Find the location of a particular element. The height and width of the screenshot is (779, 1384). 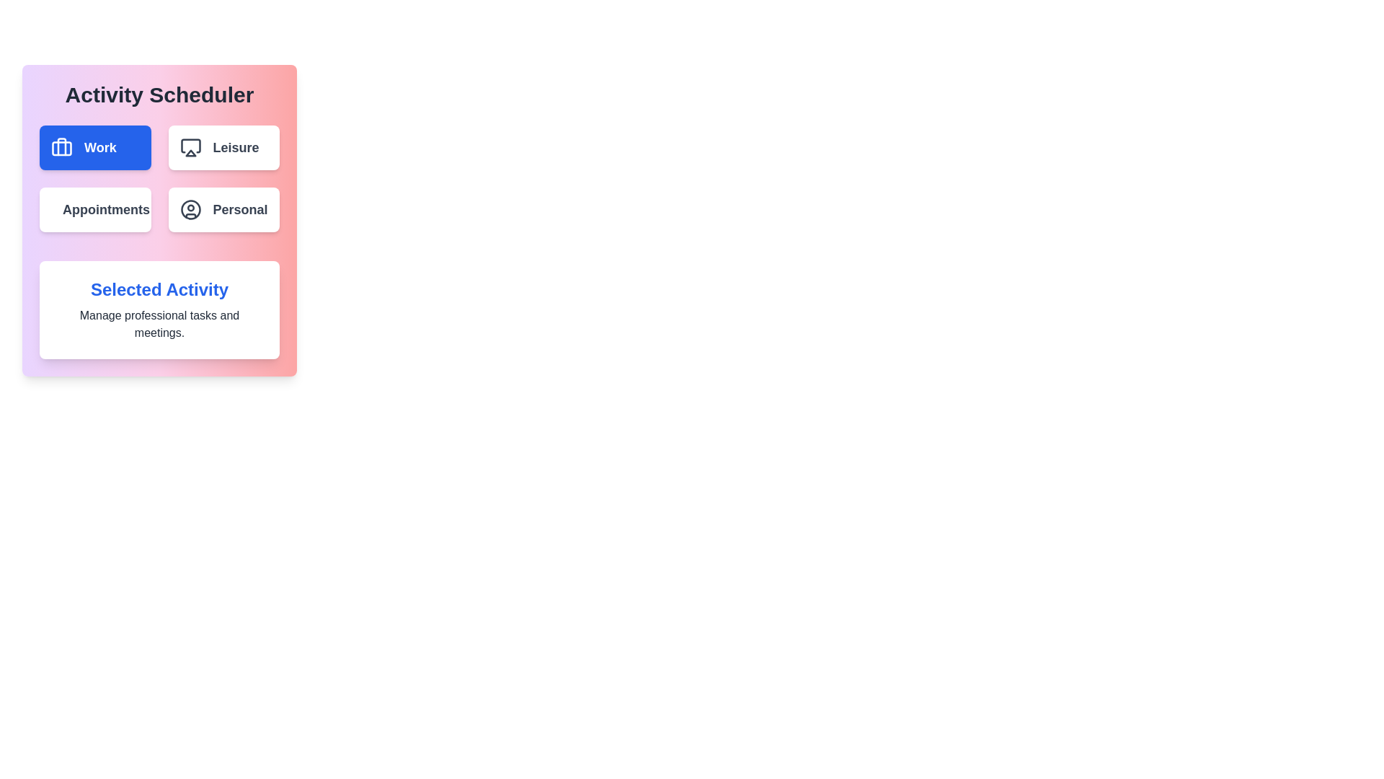

the 'Personal' button, which has a rounded rectangular shape with a white background and a user icon, located in the bottom-right corner of the 'Activity Scheduler' grid is located at coordinates (223, 209).